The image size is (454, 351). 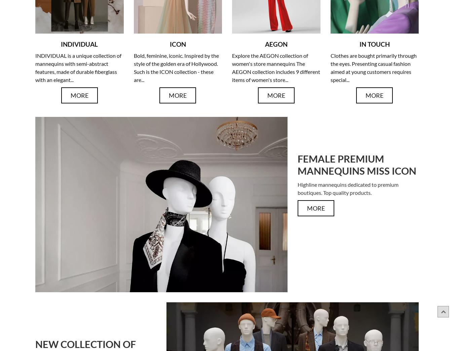 What do you see at coordinates (61, 44) in the screenshot?
I see `'INDIVIDUAL'` at bounding box center [61, 44].